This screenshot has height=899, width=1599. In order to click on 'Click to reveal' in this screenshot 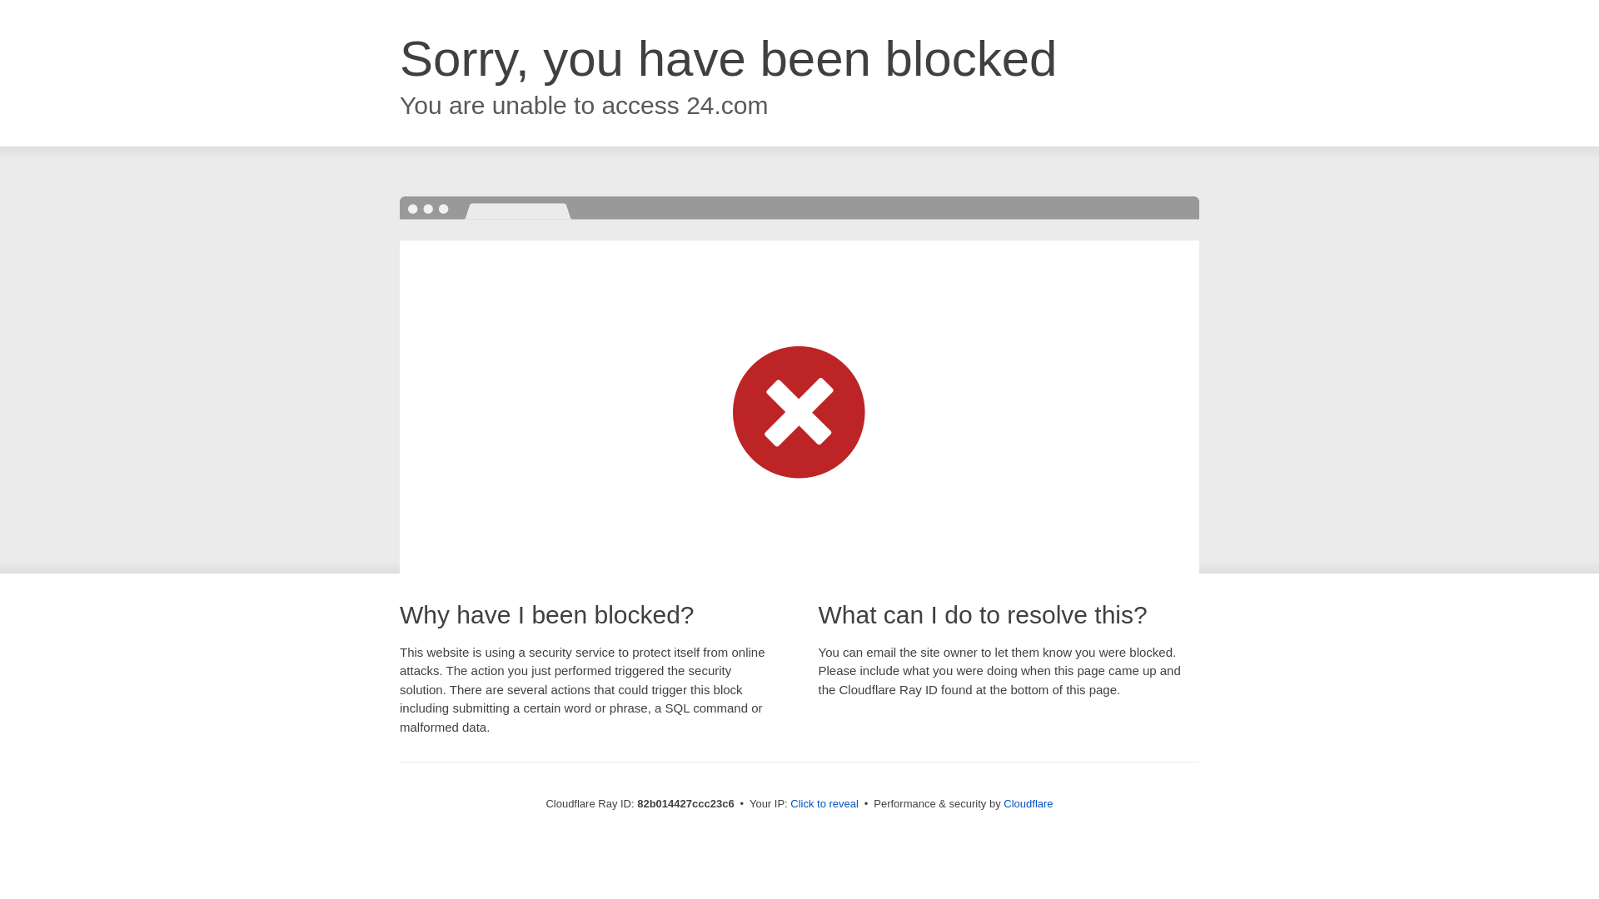, I will do `click(824, 802)`.